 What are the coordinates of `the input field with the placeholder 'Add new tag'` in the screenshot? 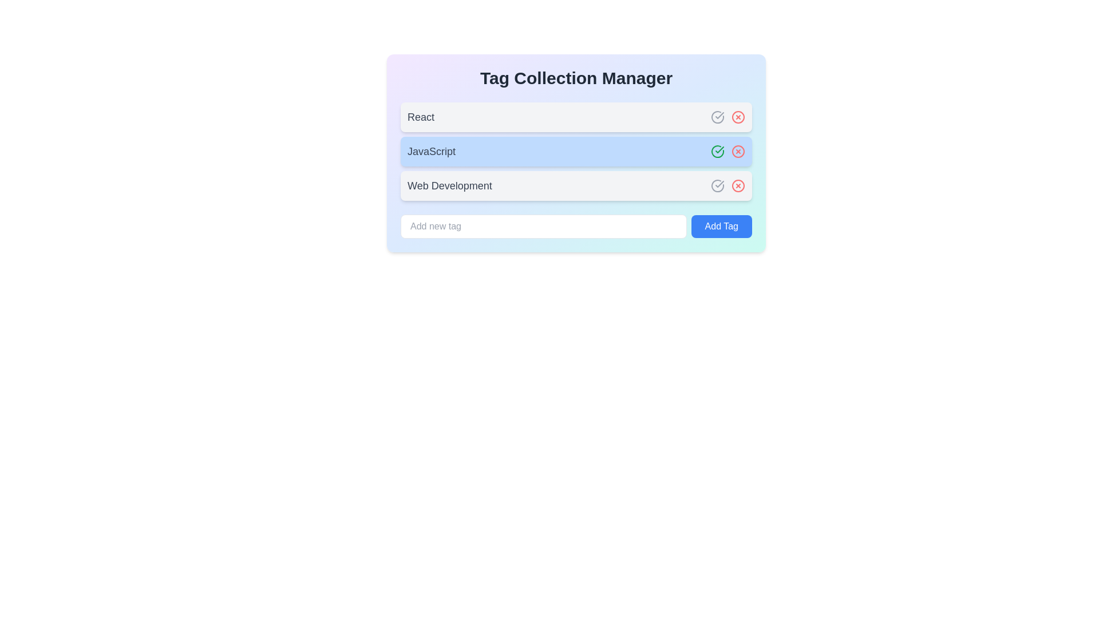 It's located at (543, 227).